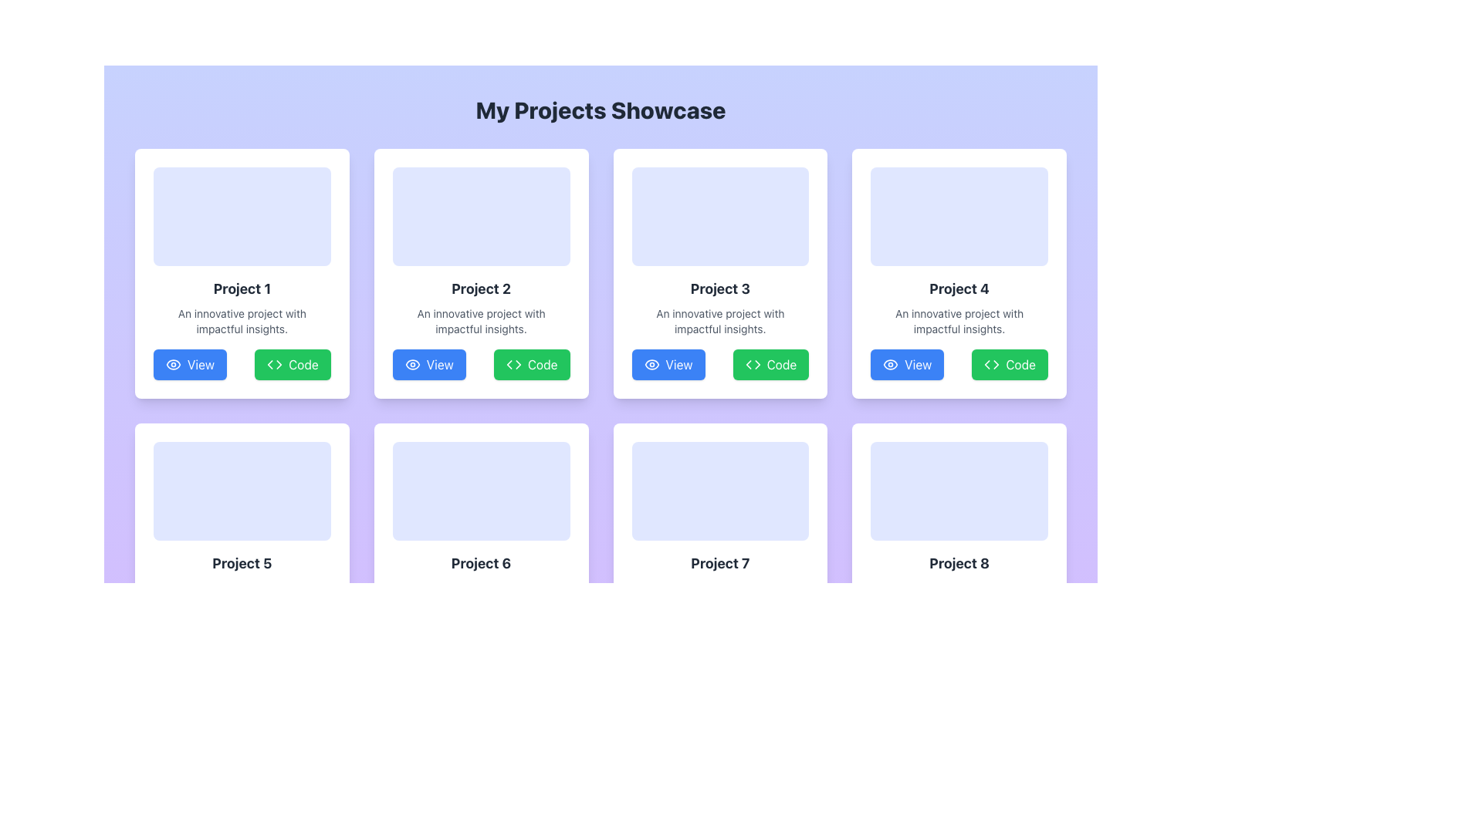  What do you see at coordinates (719, 365) in the screenshot?
I see `the right button labeled 'Code' which is styled with a green background and represents code brackets, located at the bottom of the 'Project 3' card` at bounding box center [719, 365].